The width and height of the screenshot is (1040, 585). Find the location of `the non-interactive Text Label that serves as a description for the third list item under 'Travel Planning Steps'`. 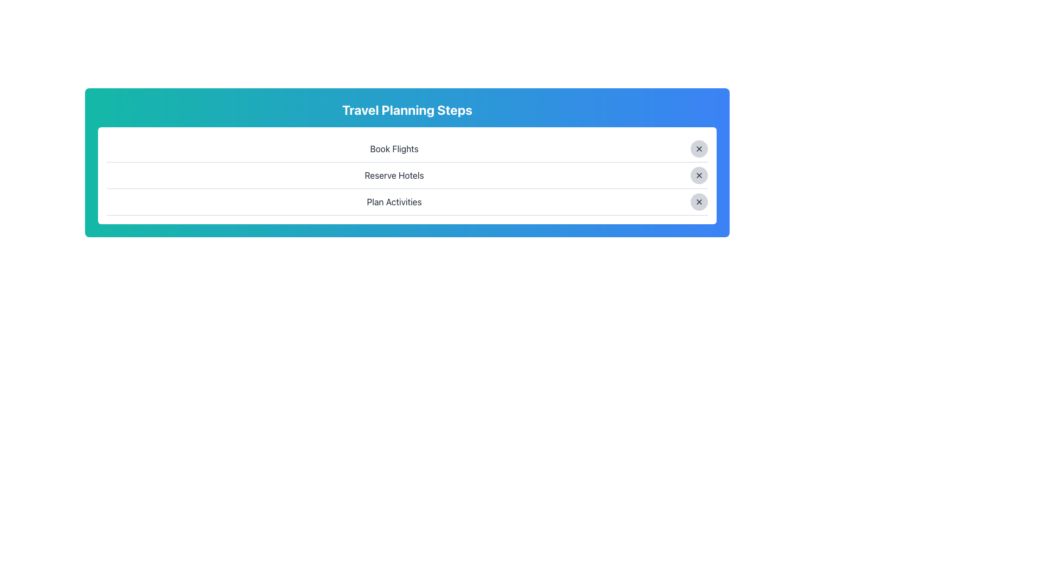

the non-interactive Text Label that serves as a description for the third list item under 'Travel Planning Steps' is located at coordinates (394, 202).